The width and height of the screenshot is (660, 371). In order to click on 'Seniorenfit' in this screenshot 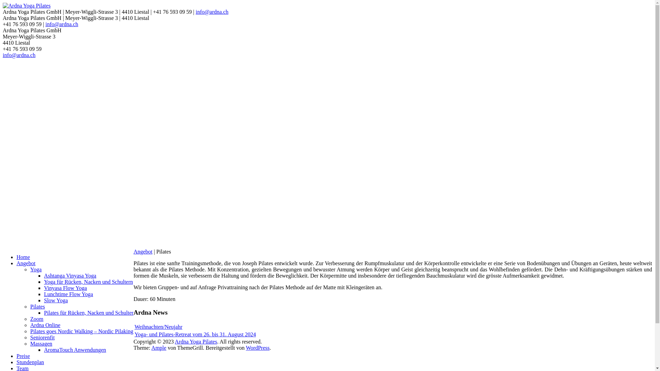, I will do `click(42, 337)`.